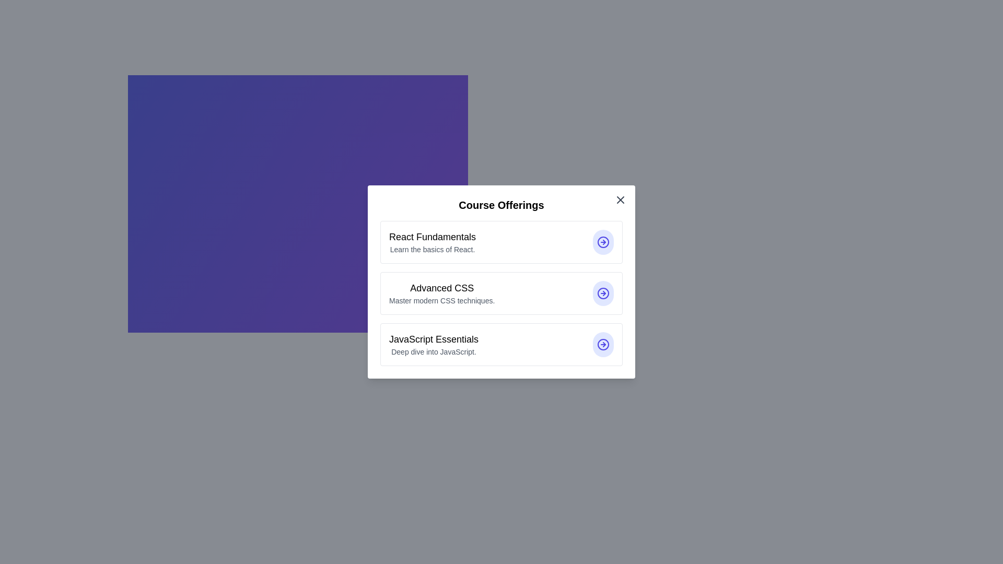 The width and height of the screenshot is (1003, 564). Describe the element at coordinates (501, 242) in the screenshot. I see `the topmost list item in the 'Course Offerings' modal, which reads 'React Fundamentals'` at that location.